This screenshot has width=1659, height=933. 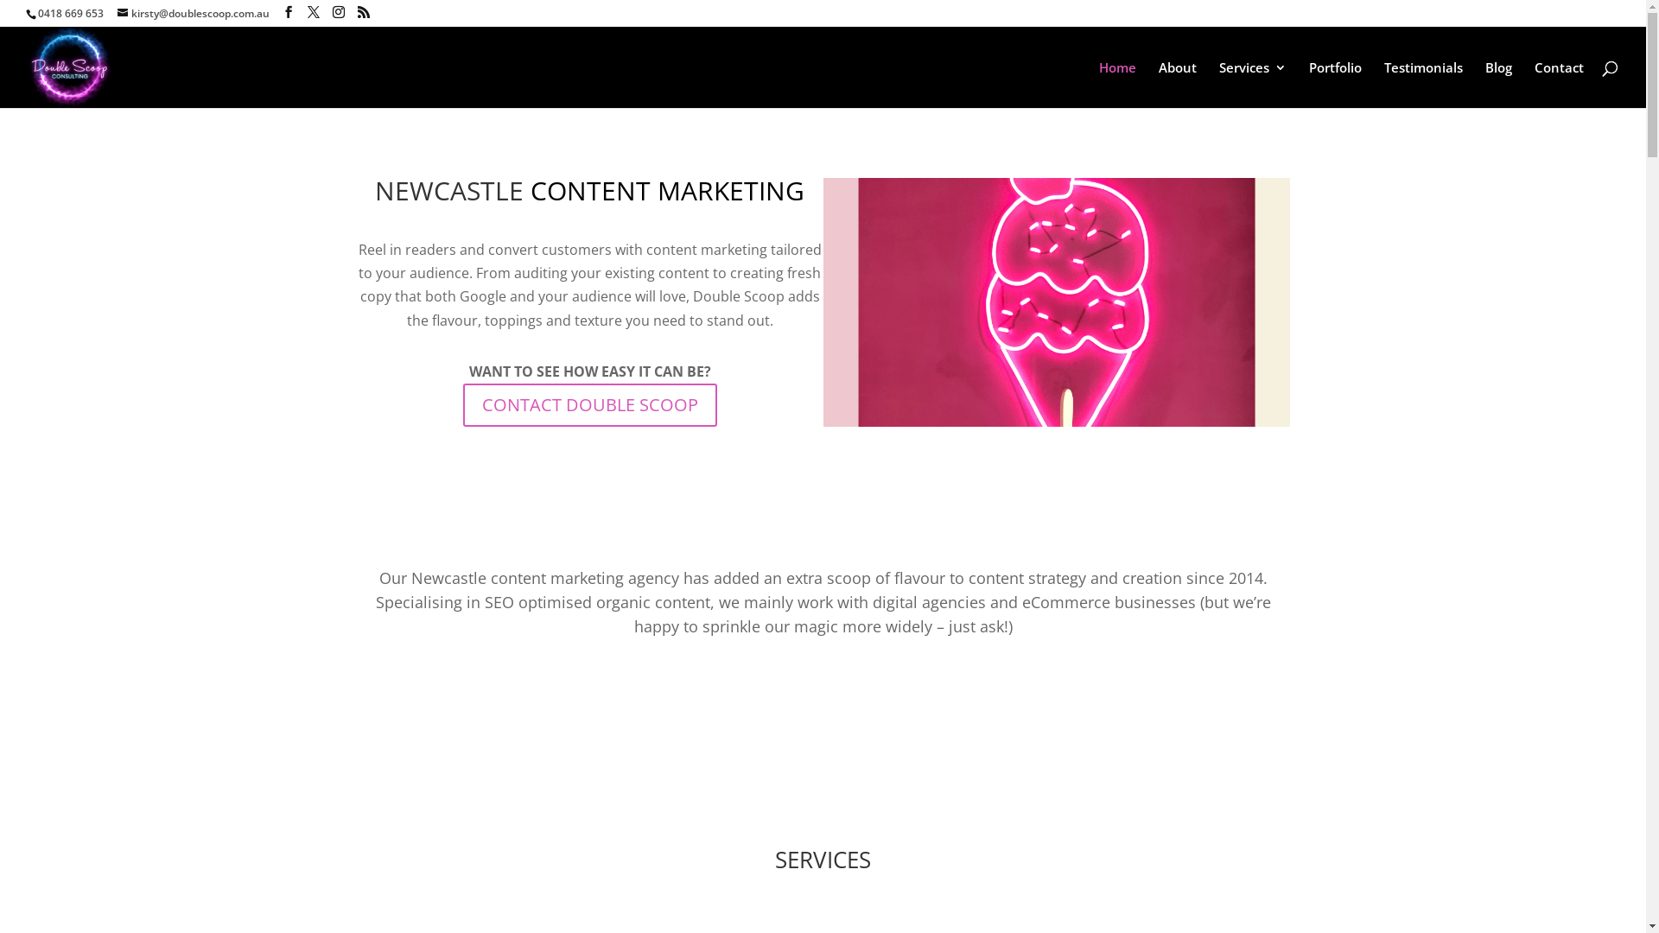 What do you see at coordinates (1384, 84) in the screenshot?
I see `'Testimonials'` at bounding box center [1384, 84].